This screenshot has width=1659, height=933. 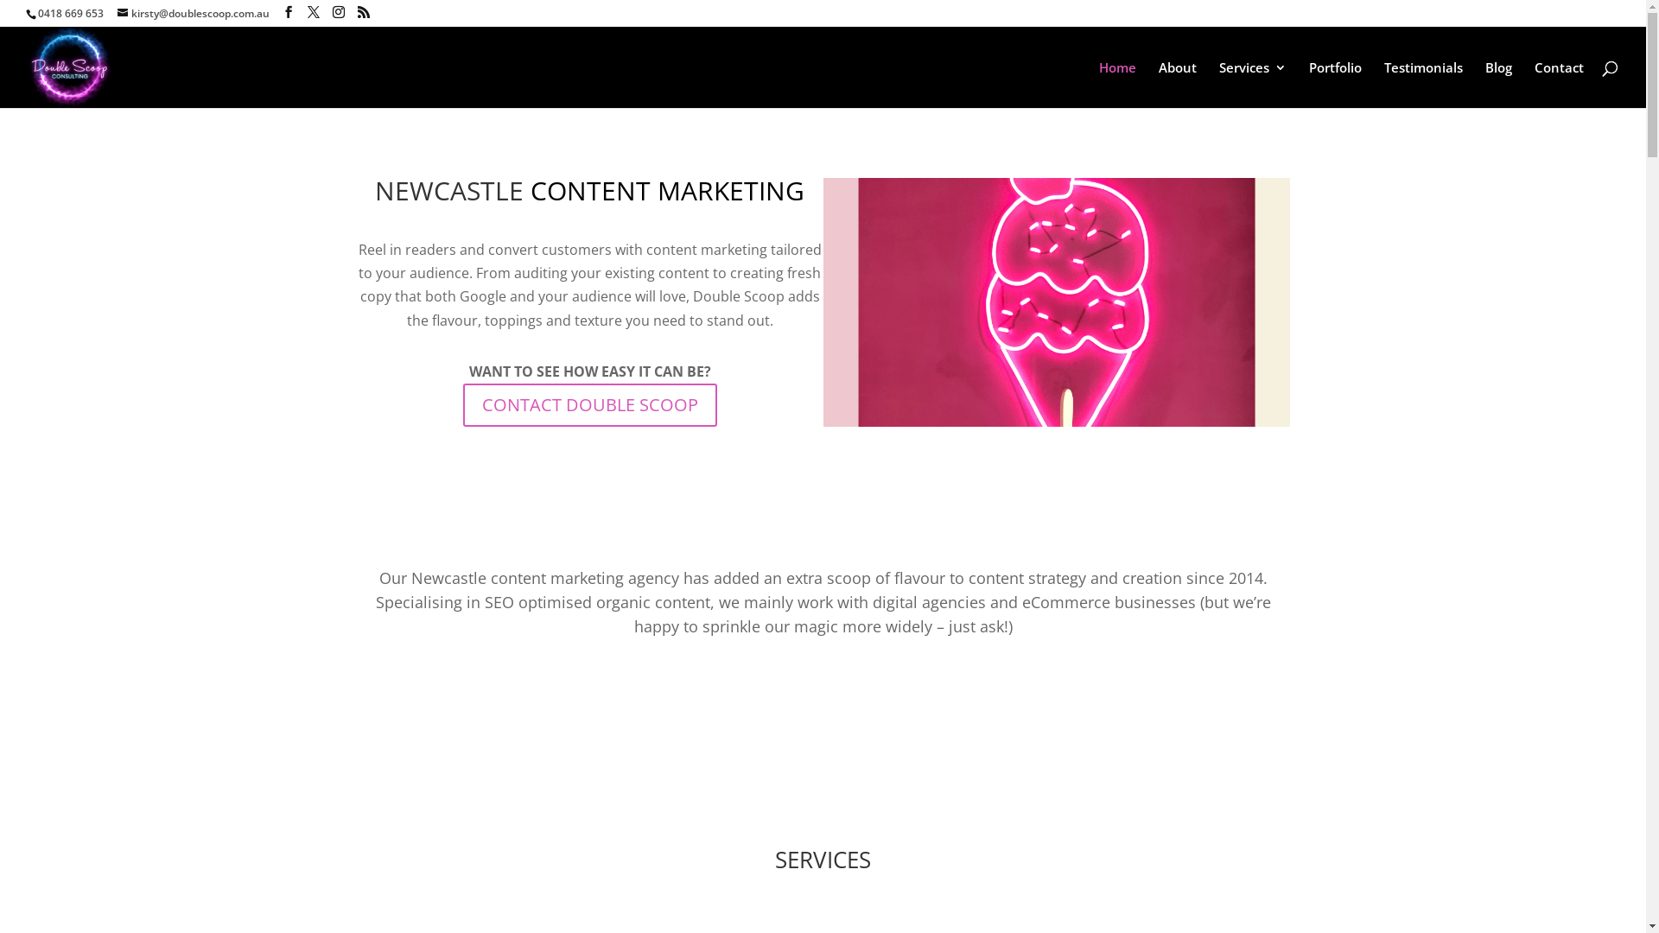 What do you see at coordinates (1384, 84) in the screenshot?
I see `'Testimonials'` at bounding box center [1384, 84].